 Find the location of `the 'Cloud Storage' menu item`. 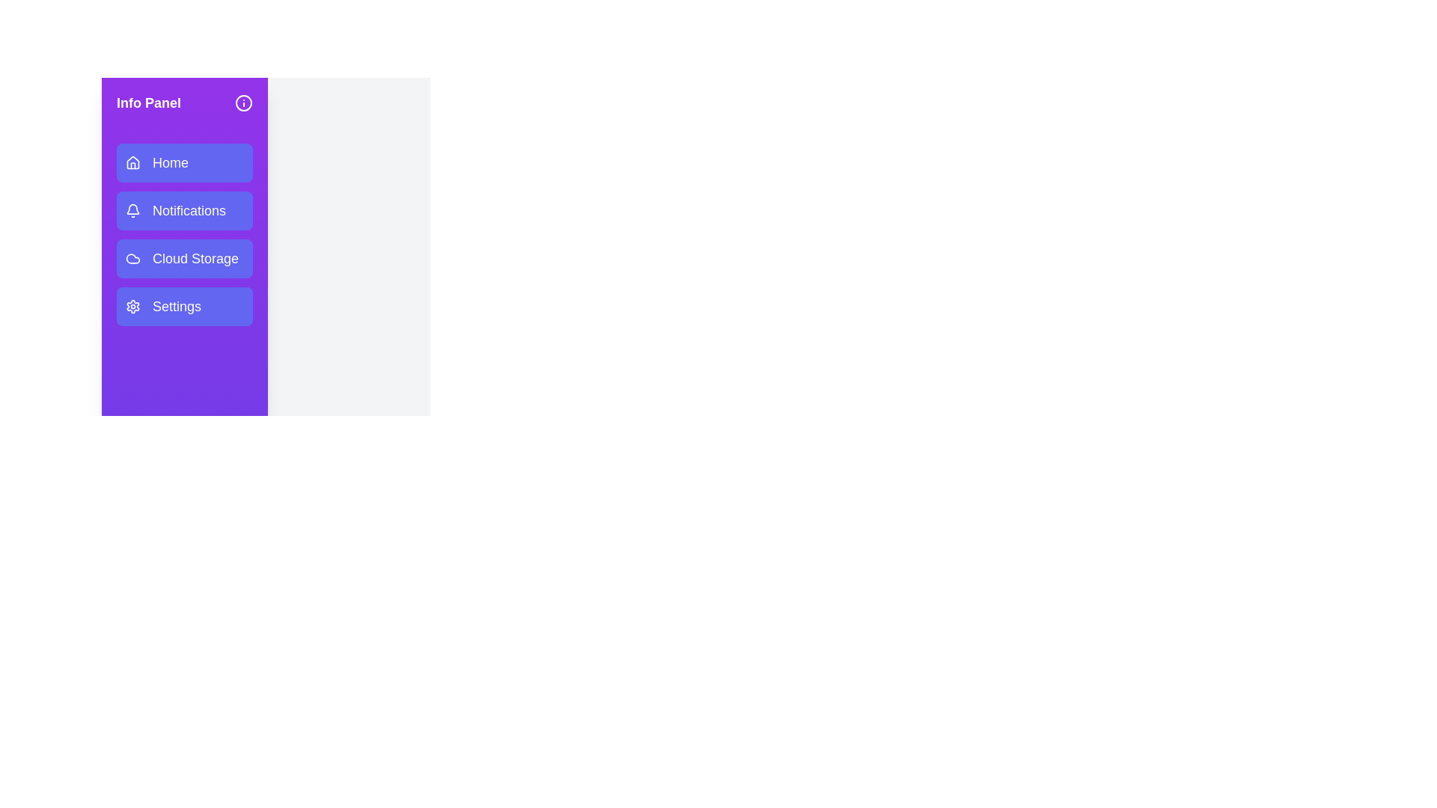

the 'Cloud Storage' menu item is located at coordinates (183, 258).